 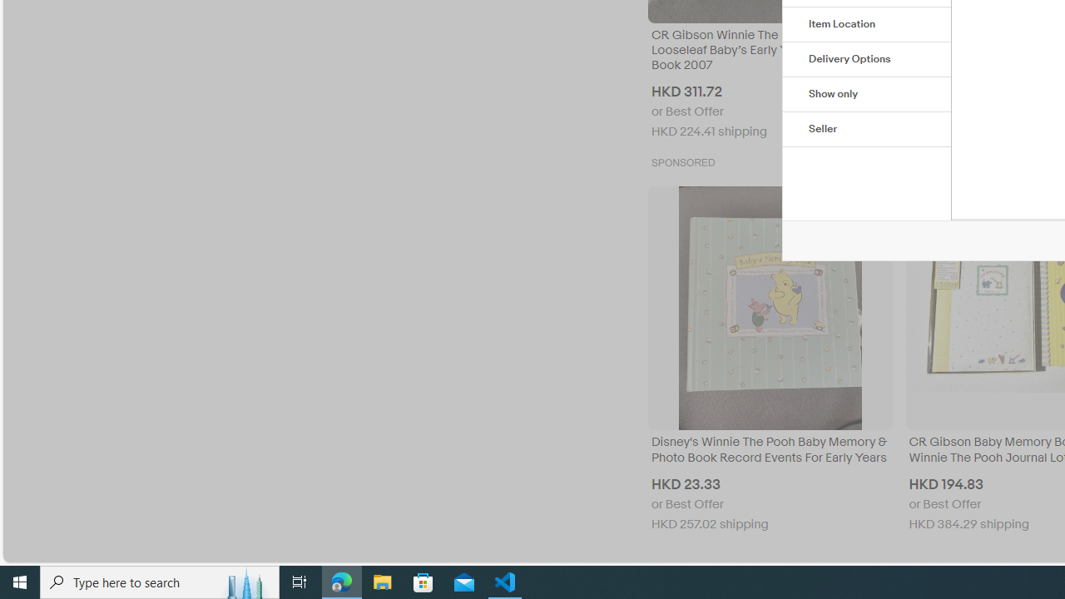 I want to click on 'Show only', so click(x=866, y=95).